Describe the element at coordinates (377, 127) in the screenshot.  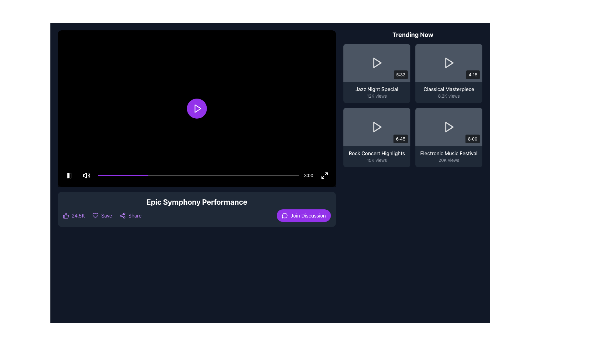
I see `the right-facing triangular play icon button in the thumbnail for the 'Rock Concert Highlights' video located in the 'Trending Now' section` at that location.